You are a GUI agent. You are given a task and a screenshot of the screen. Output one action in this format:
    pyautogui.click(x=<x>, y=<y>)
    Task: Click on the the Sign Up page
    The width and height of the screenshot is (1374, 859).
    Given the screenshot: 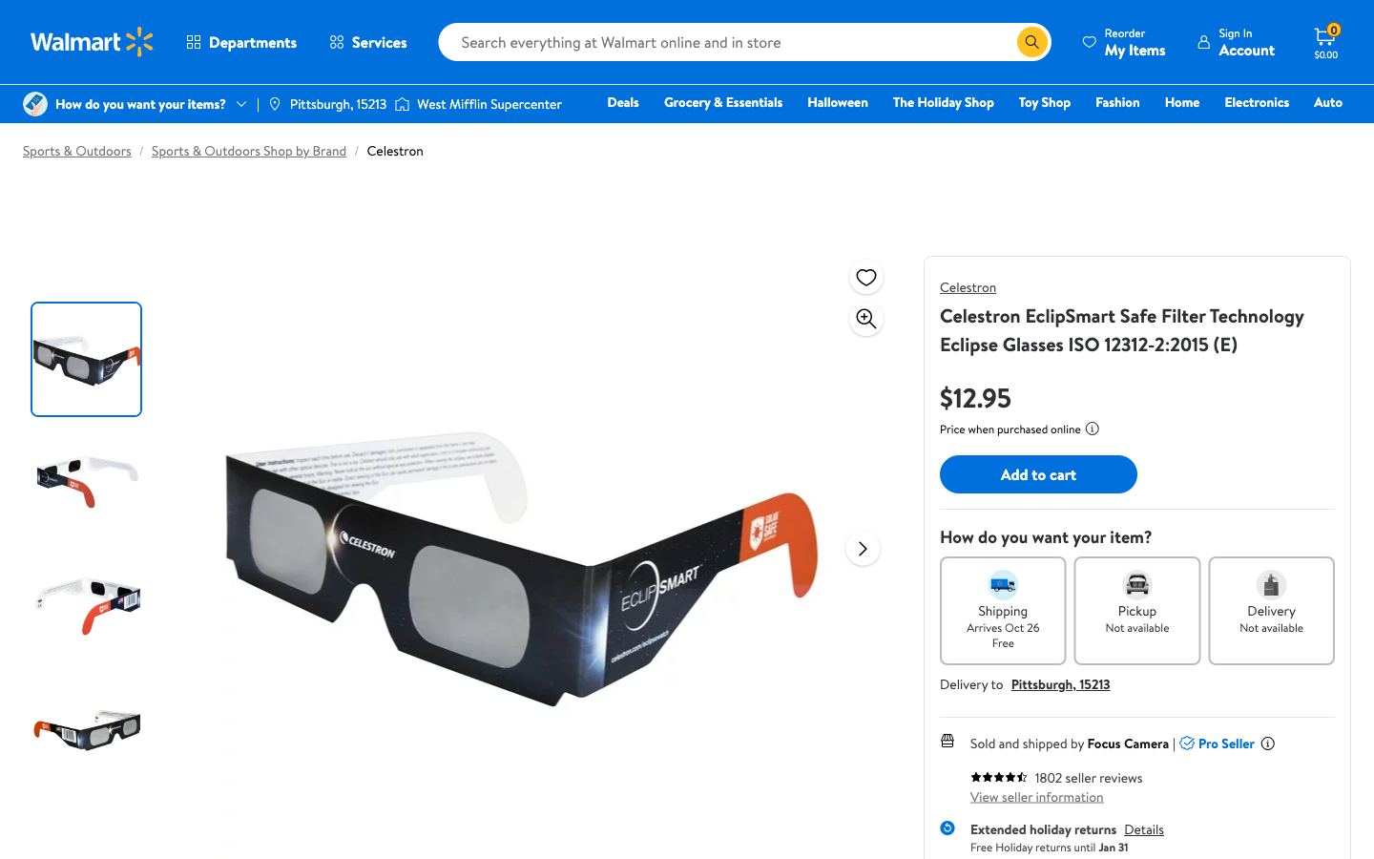 What is the action you would take?
    pyautogui.click(x=1235, y=41)
    